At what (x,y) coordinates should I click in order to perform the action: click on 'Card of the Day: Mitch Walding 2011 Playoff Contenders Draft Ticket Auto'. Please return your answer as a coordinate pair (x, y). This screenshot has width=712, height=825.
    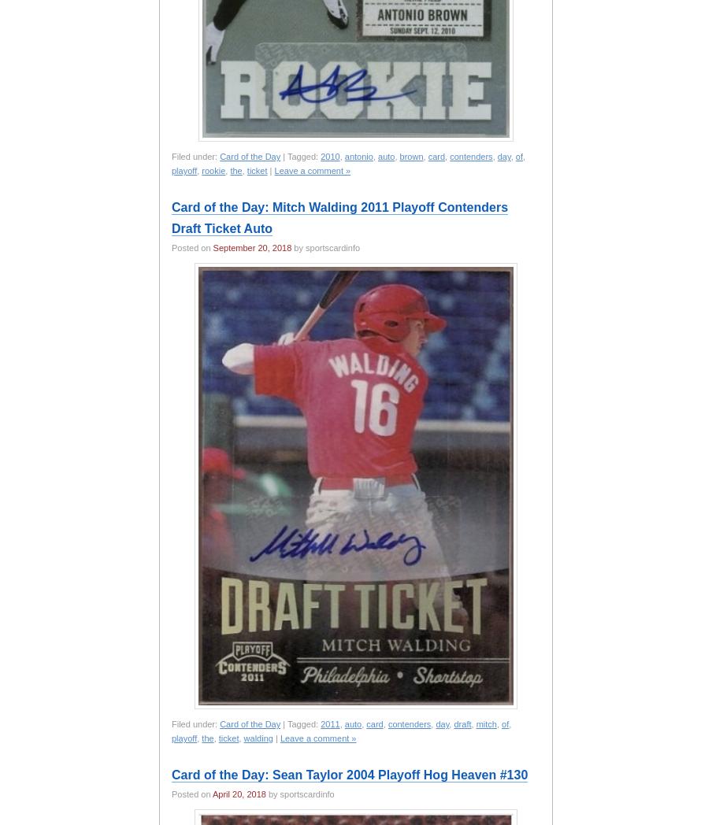
    Looking at the image, I should click on (339, 216).